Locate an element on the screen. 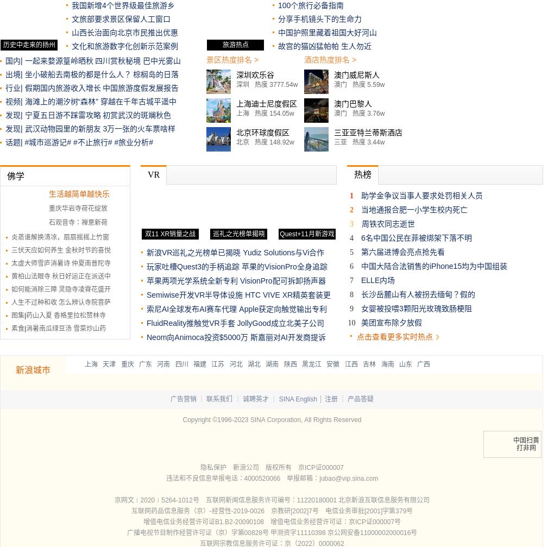 The image size is (554, 547). '酒店热度排名 >' is located at coordinates (330, 59).